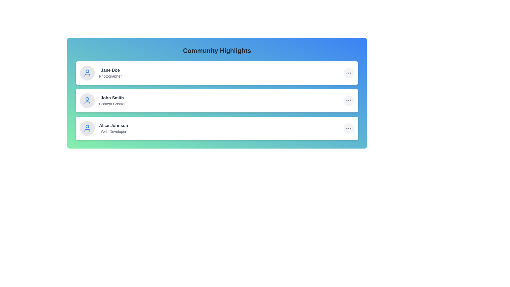  What do you see at coordinates (113, 131) in the screenshot?
I see `text content of the Text Label displaying 'Web Developer', located below 'Alice Johnson' in the Community Highlights section` at bounding box center [113, 131].